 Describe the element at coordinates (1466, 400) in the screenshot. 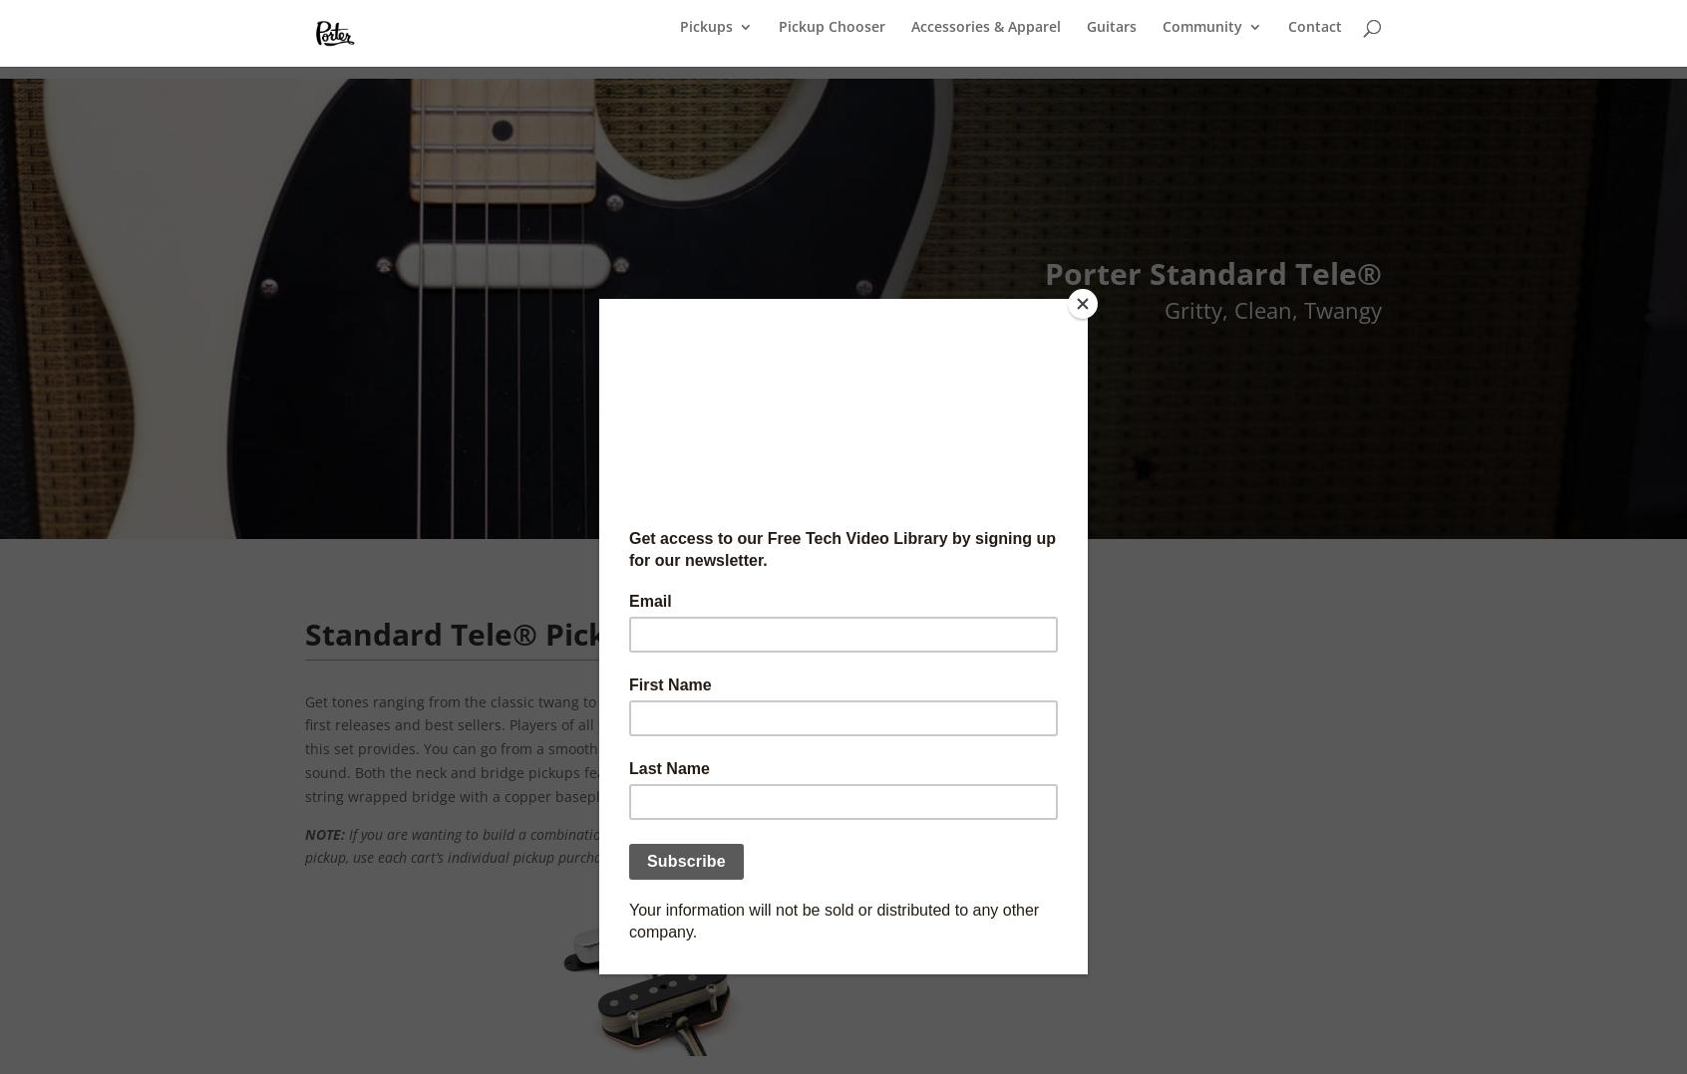

I see `'Articles'` at that location.